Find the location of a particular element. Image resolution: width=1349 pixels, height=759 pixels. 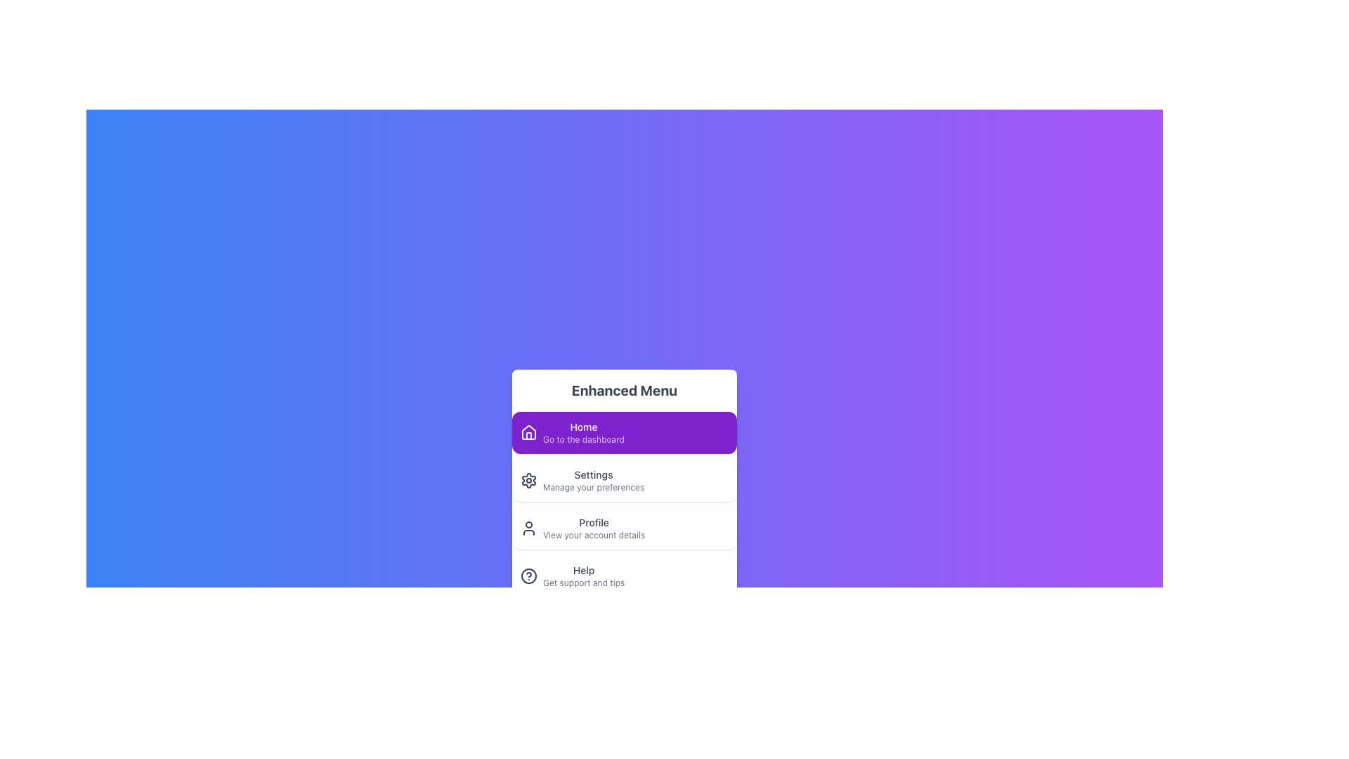

the 'Settings' title label located in the 'Enhanced Menu' section, under the 'Home' menu option is located at coordinates (594, 474).